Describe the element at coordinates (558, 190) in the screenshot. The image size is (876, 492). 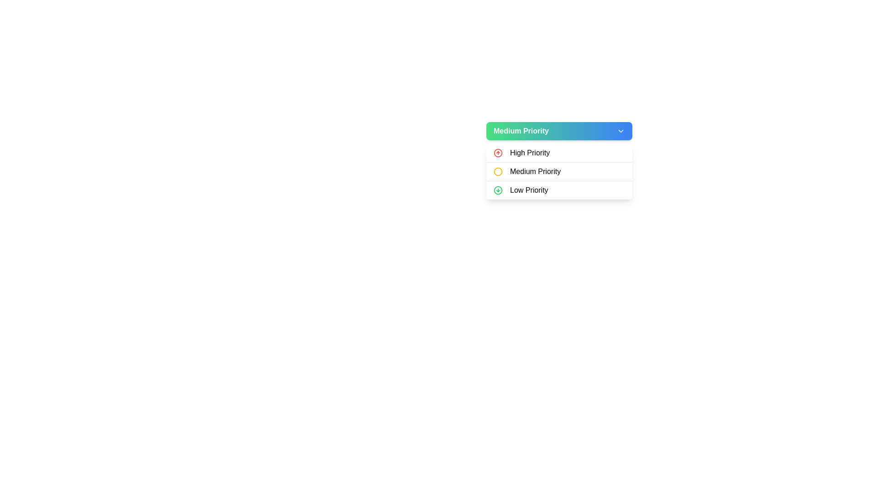
I see `the low priority status list item in the selectable dropdown menu, which is the third item below the 'Medium Priority' item` at that location.